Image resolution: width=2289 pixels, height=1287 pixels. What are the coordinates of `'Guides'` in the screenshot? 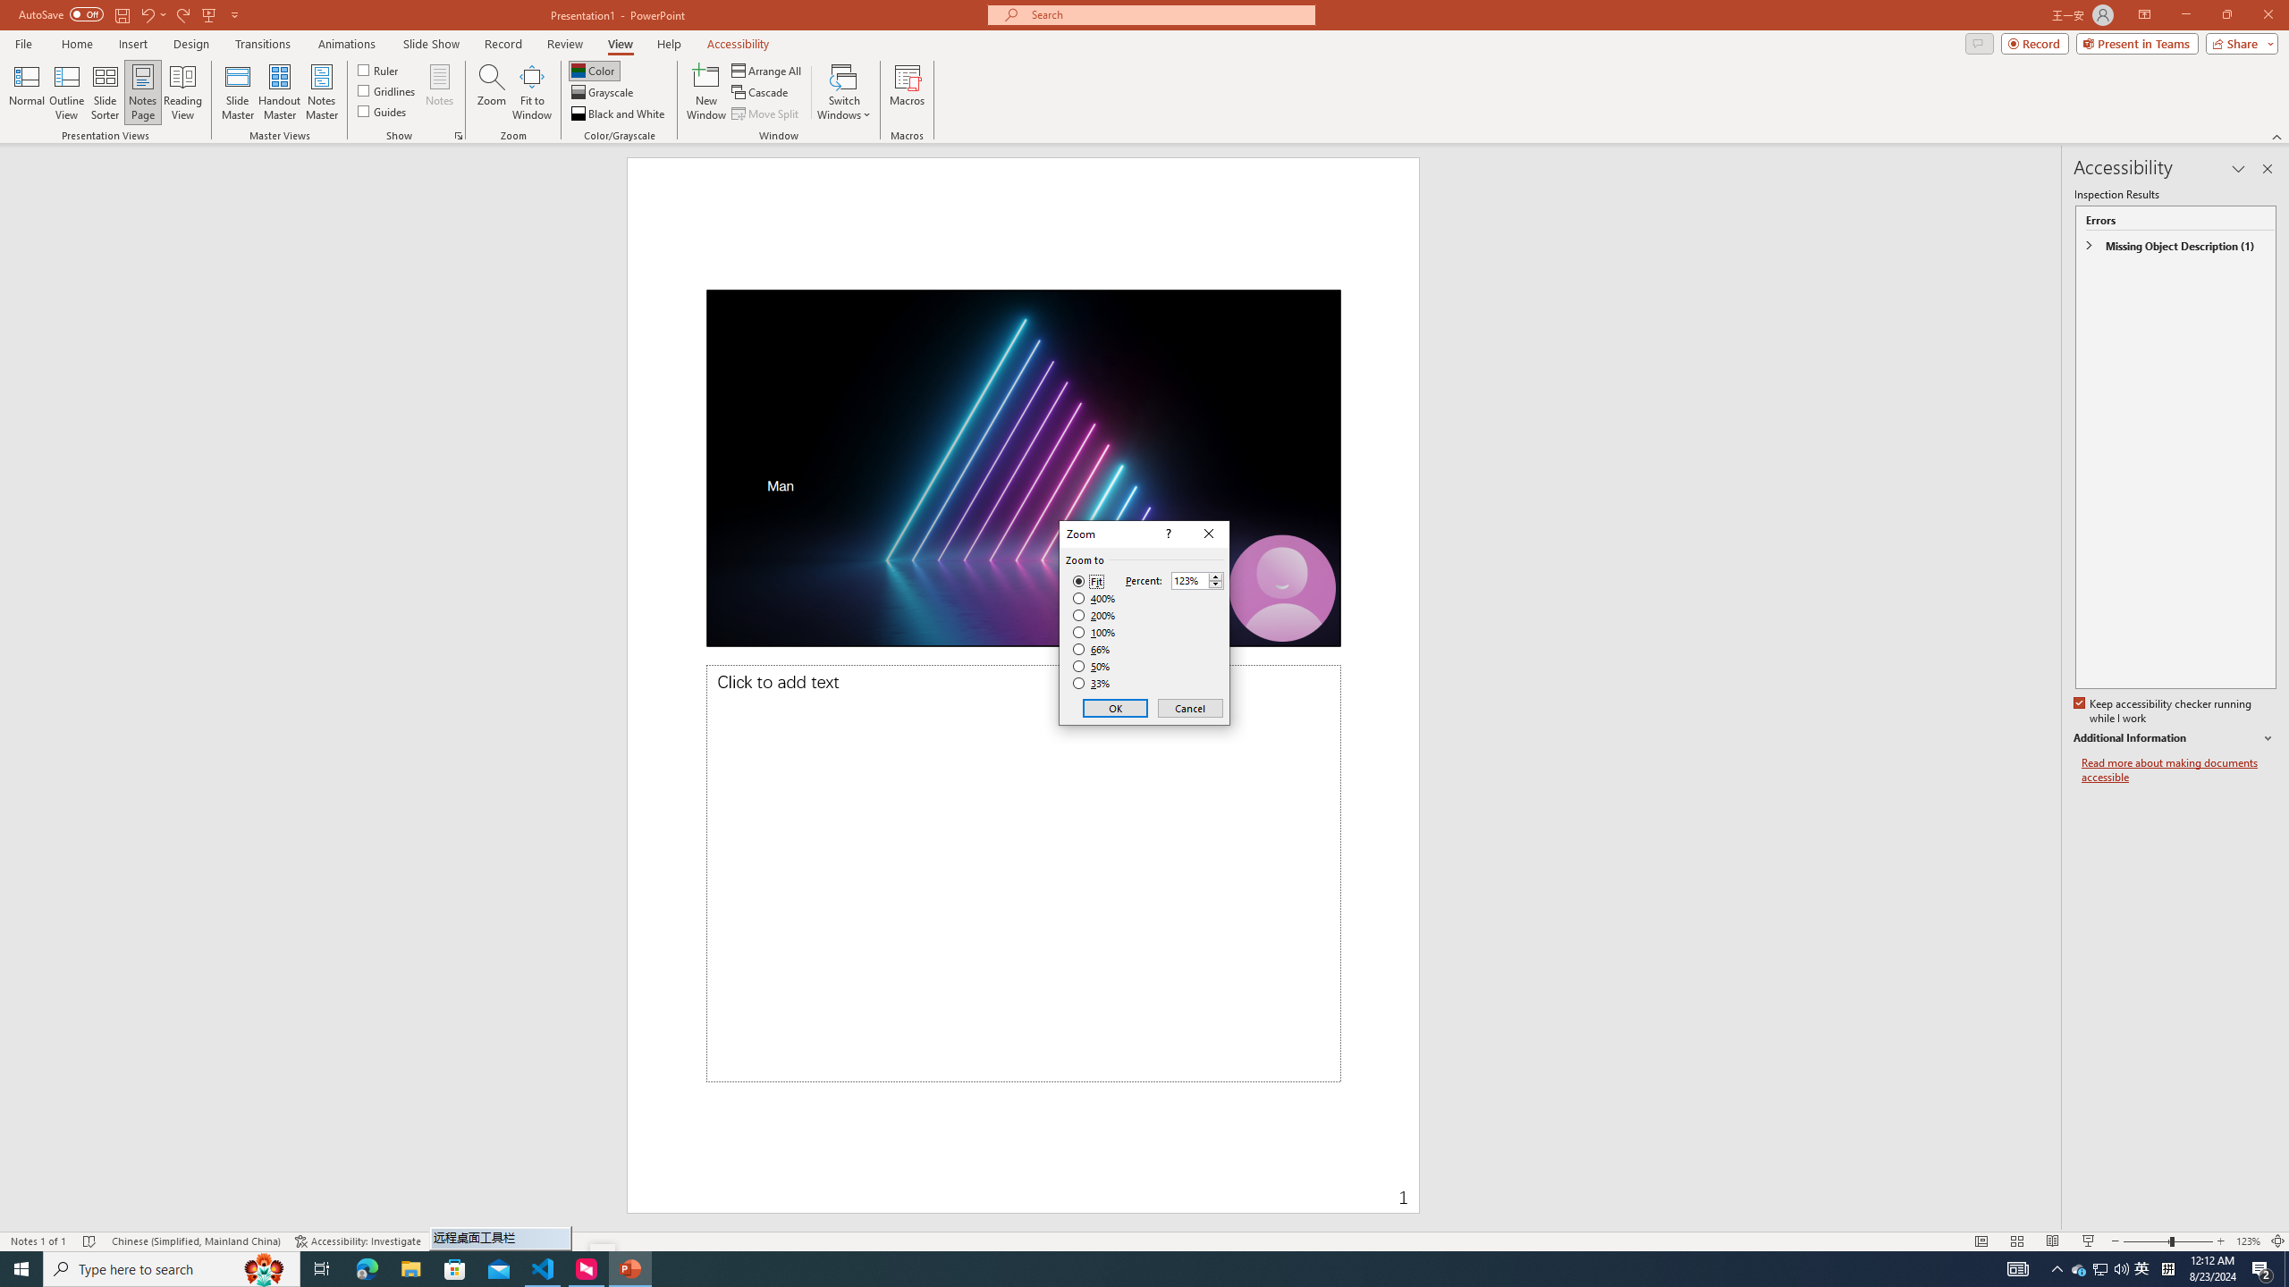 It's located at (383, 109).